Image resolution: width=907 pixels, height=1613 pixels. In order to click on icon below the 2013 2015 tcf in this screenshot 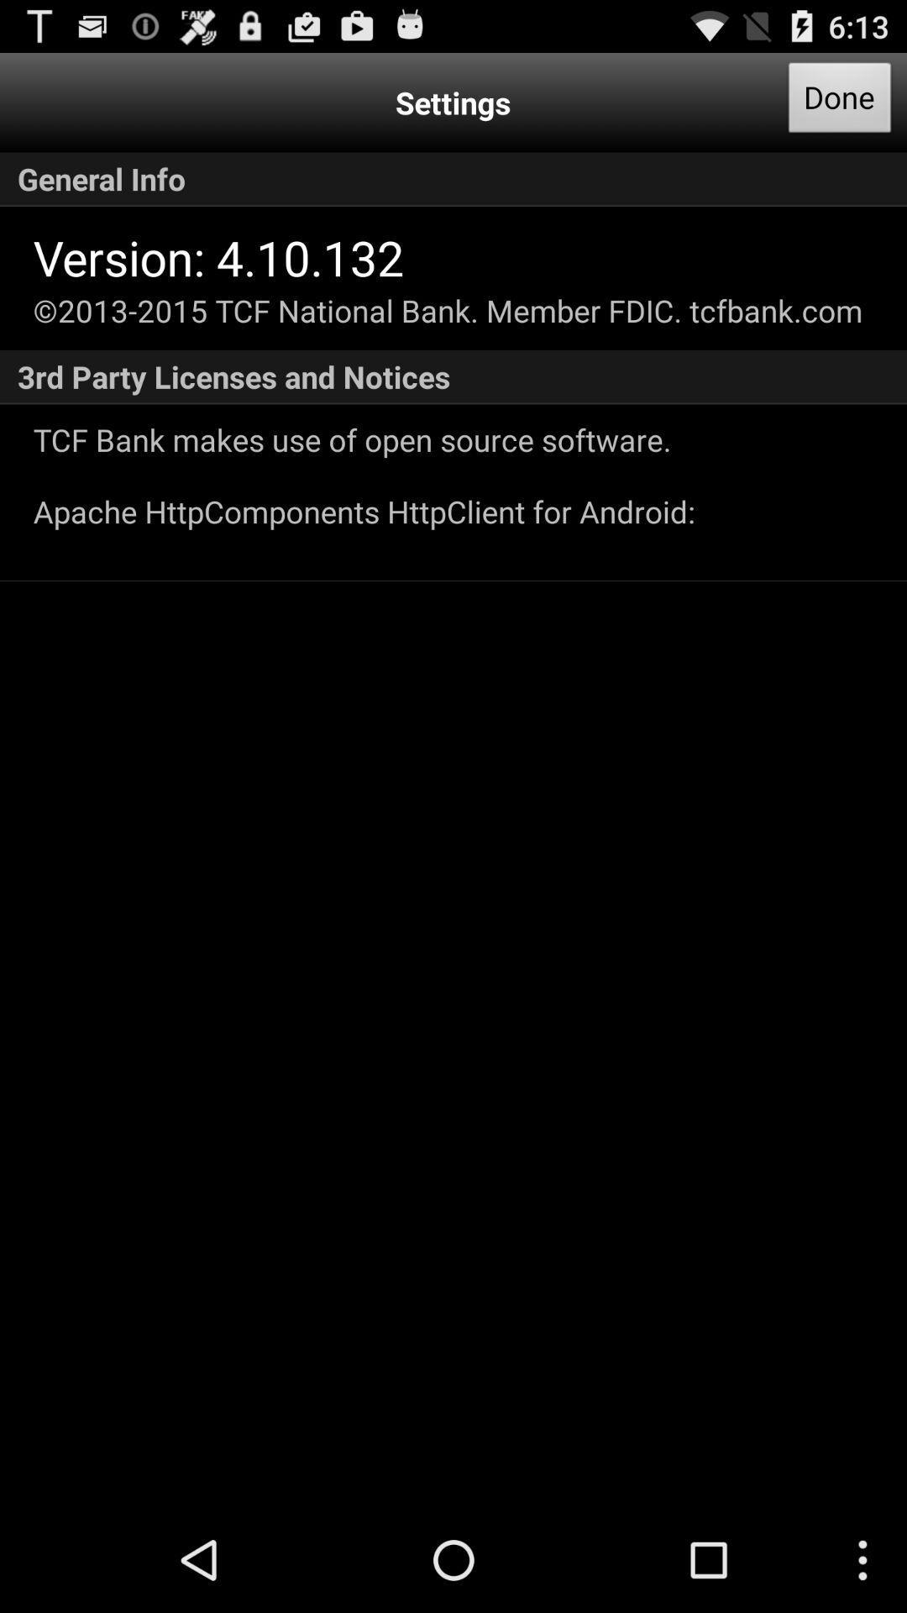, I will do `click(453, 376)`.